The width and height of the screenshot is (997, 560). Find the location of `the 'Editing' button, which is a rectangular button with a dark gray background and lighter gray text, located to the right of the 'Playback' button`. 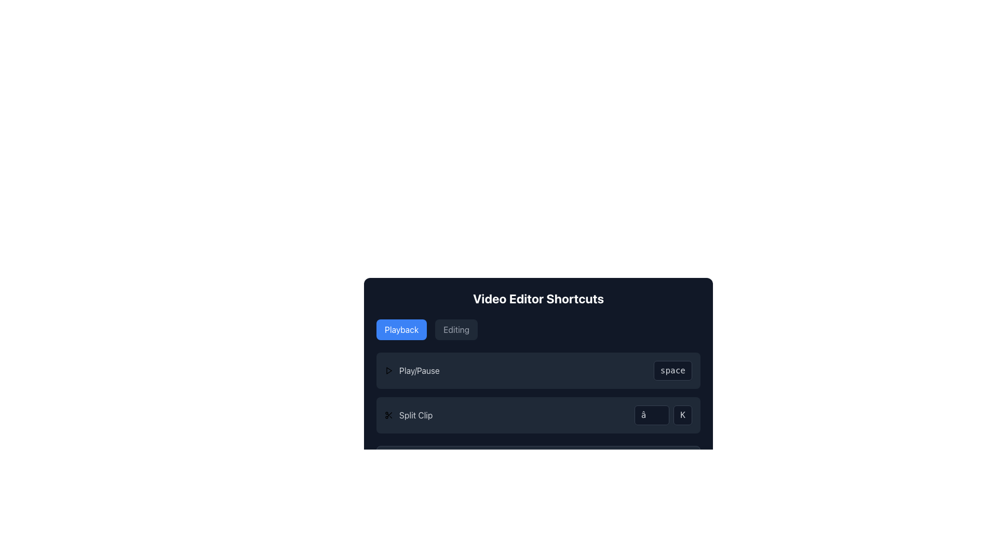

the 'Editing' button, which is a rectangular button with a dark gray background and lighter gray text, located to the right of the 'Playback' button is located at coordinates (456, 330).